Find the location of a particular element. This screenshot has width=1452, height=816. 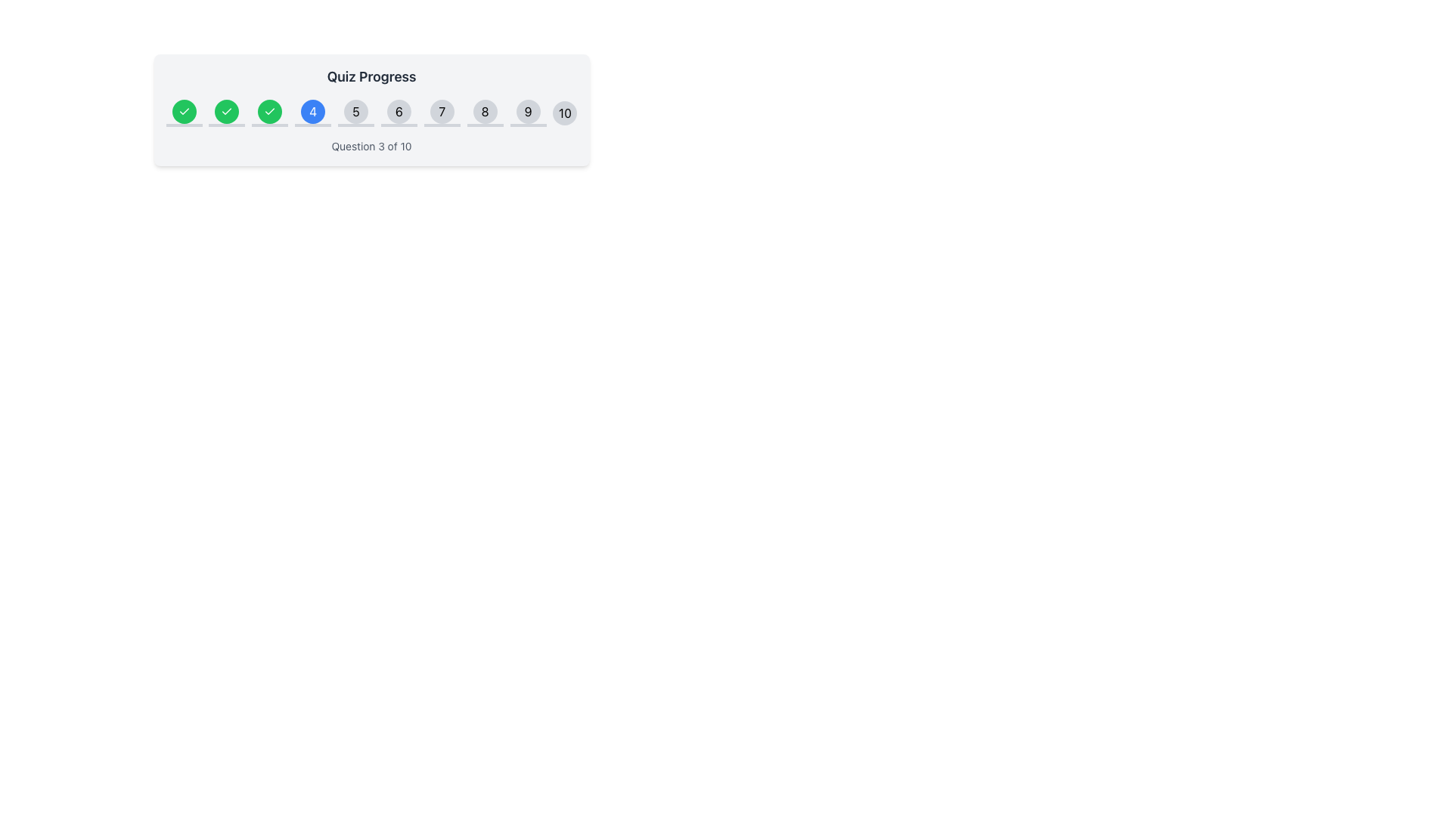

the third green circular Decorative progress icon with a white checkmark in the center, located in the quiz progress bar is located at coordinates (270, 113).